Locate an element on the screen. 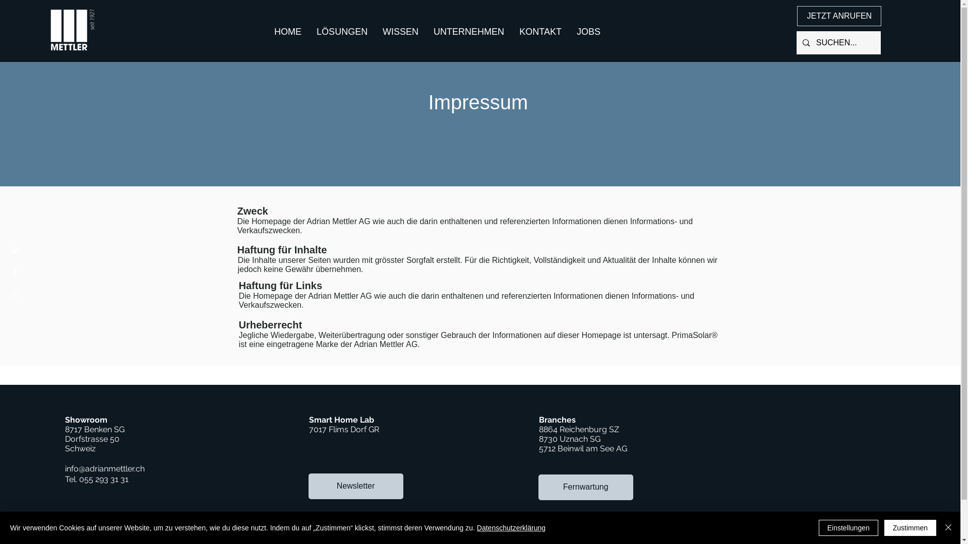  'WISSEN' is located at coordinates (400, 31).